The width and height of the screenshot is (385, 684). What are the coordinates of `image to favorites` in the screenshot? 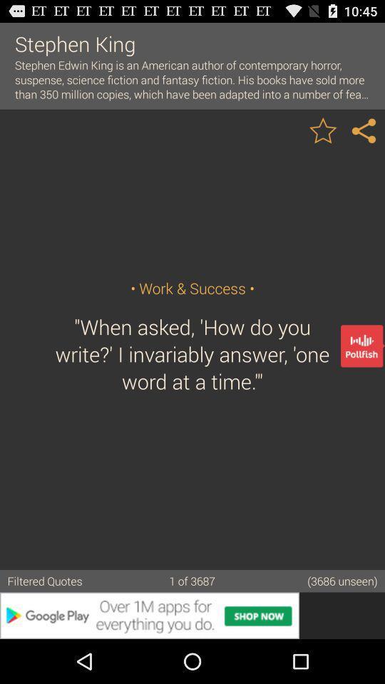 It's located at (323, 130).